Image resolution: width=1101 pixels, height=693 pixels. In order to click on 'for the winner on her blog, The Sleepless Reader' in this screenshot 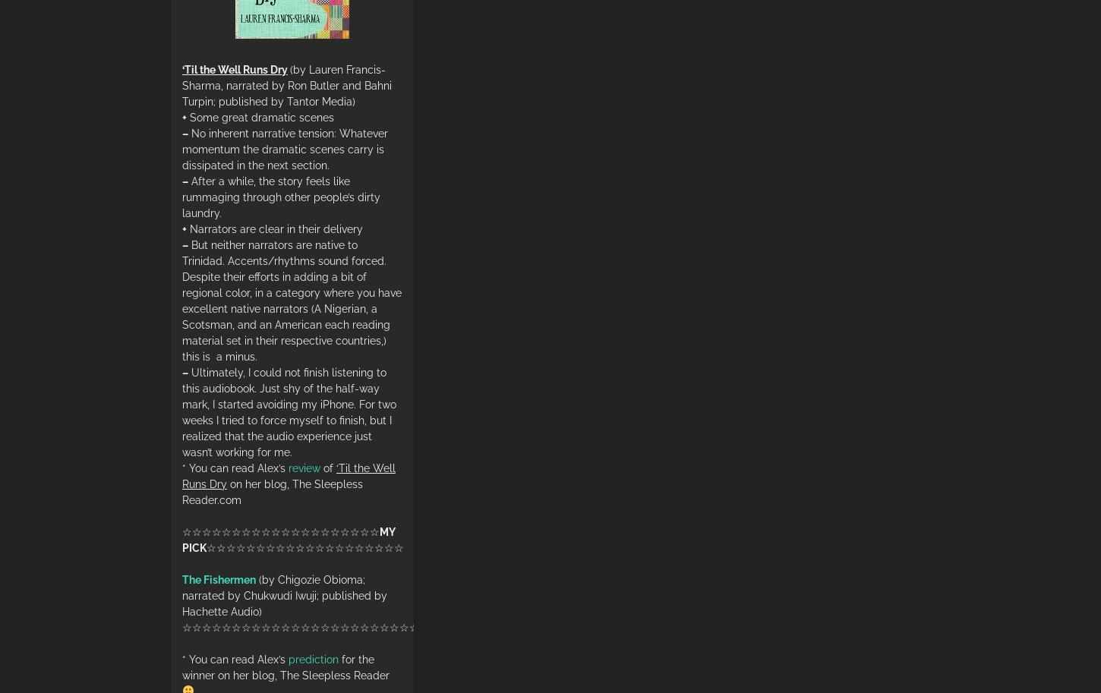, I will do `click(285, 666)`.